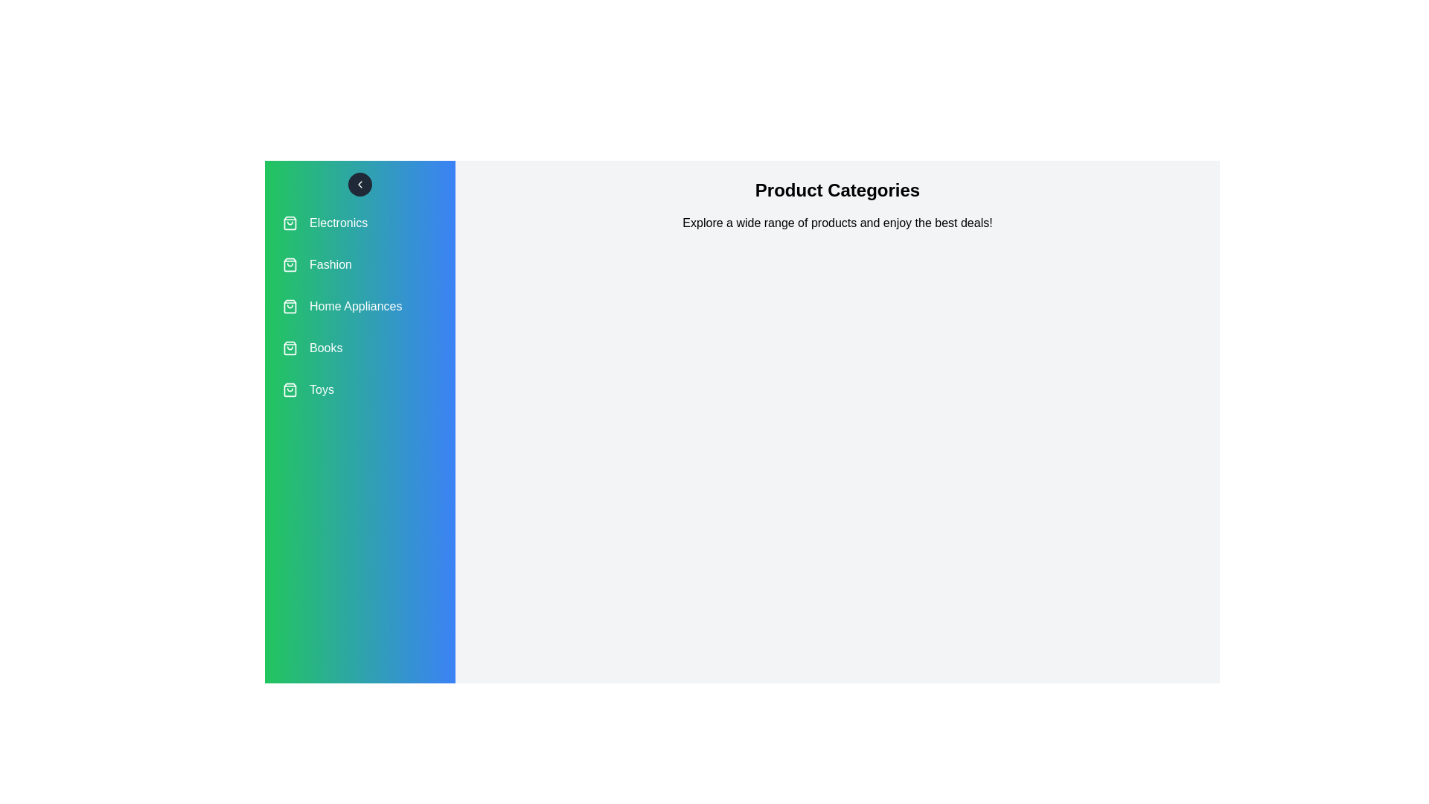 The image size is (1429, 804). Describe the element at coordinates (360, 223) in the screenshot. I see `the category Electronics from the list` at that location.